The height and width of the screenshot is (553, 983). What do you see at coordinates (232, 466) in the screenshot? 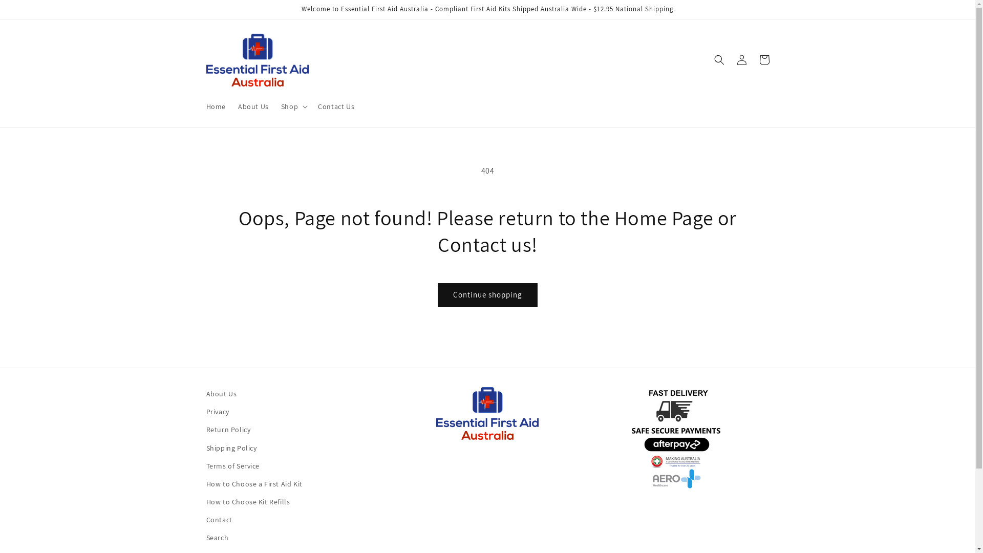
I see `'Terms of Service'` at bounding box center [232, 466].